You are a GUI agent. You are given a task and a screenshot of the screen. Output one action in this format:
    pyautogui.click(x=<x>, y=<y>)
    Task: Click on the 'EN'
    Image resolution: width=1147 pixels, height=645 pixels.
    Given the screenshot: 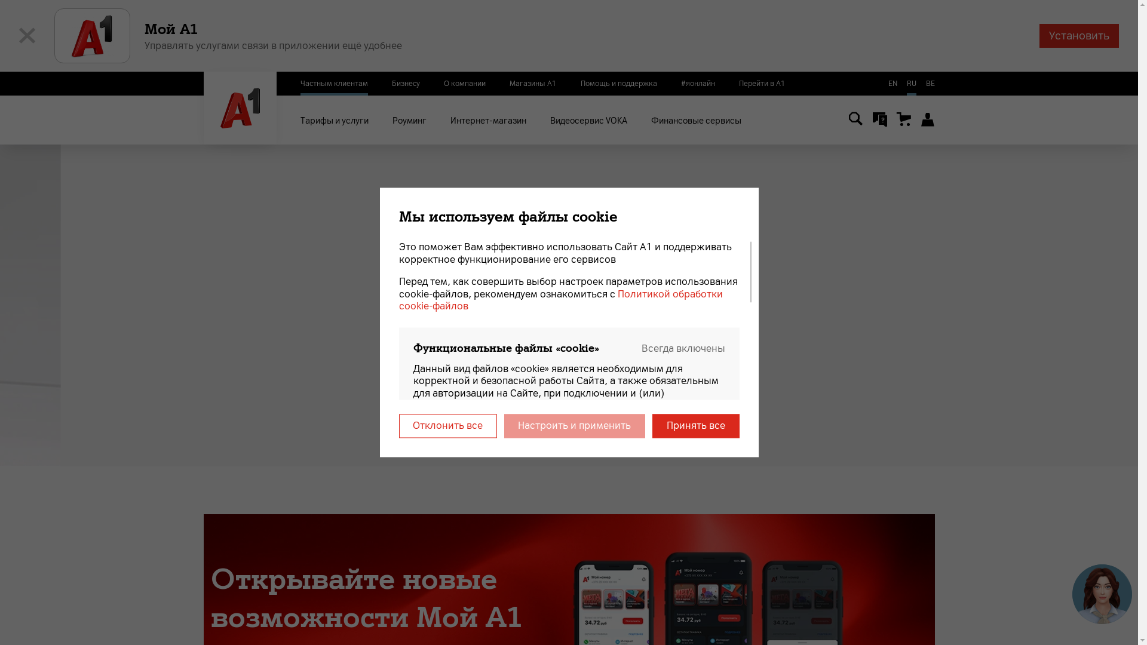 What is the action you would take?
    pyautogui.click(x=888, y=82)
    